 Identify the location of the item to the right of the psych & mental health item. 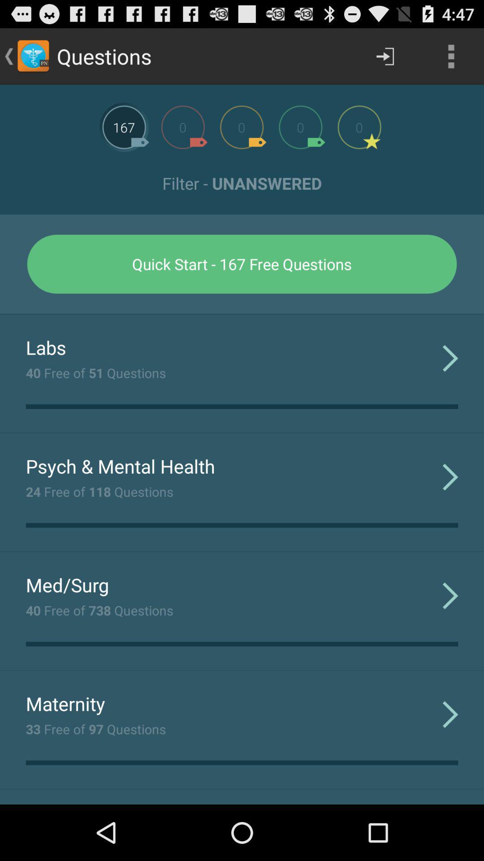
(450, 476).